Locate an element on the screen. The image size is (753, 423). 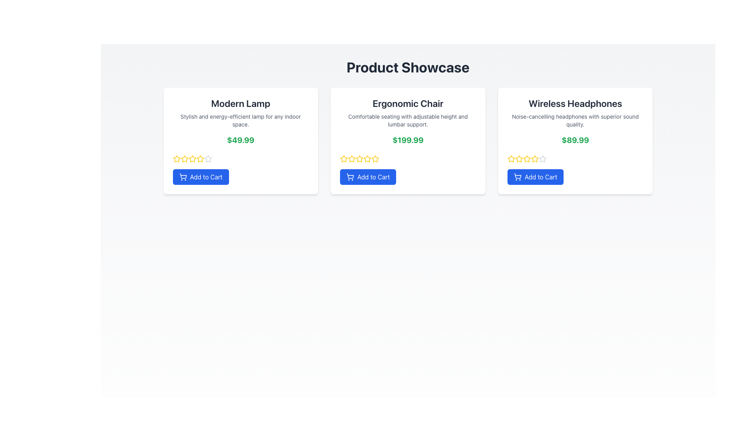
the fifth yellow hollow star icon in the rating system below the 'Modern Lamp' product description to rate it is located at coordinates (200, 159).